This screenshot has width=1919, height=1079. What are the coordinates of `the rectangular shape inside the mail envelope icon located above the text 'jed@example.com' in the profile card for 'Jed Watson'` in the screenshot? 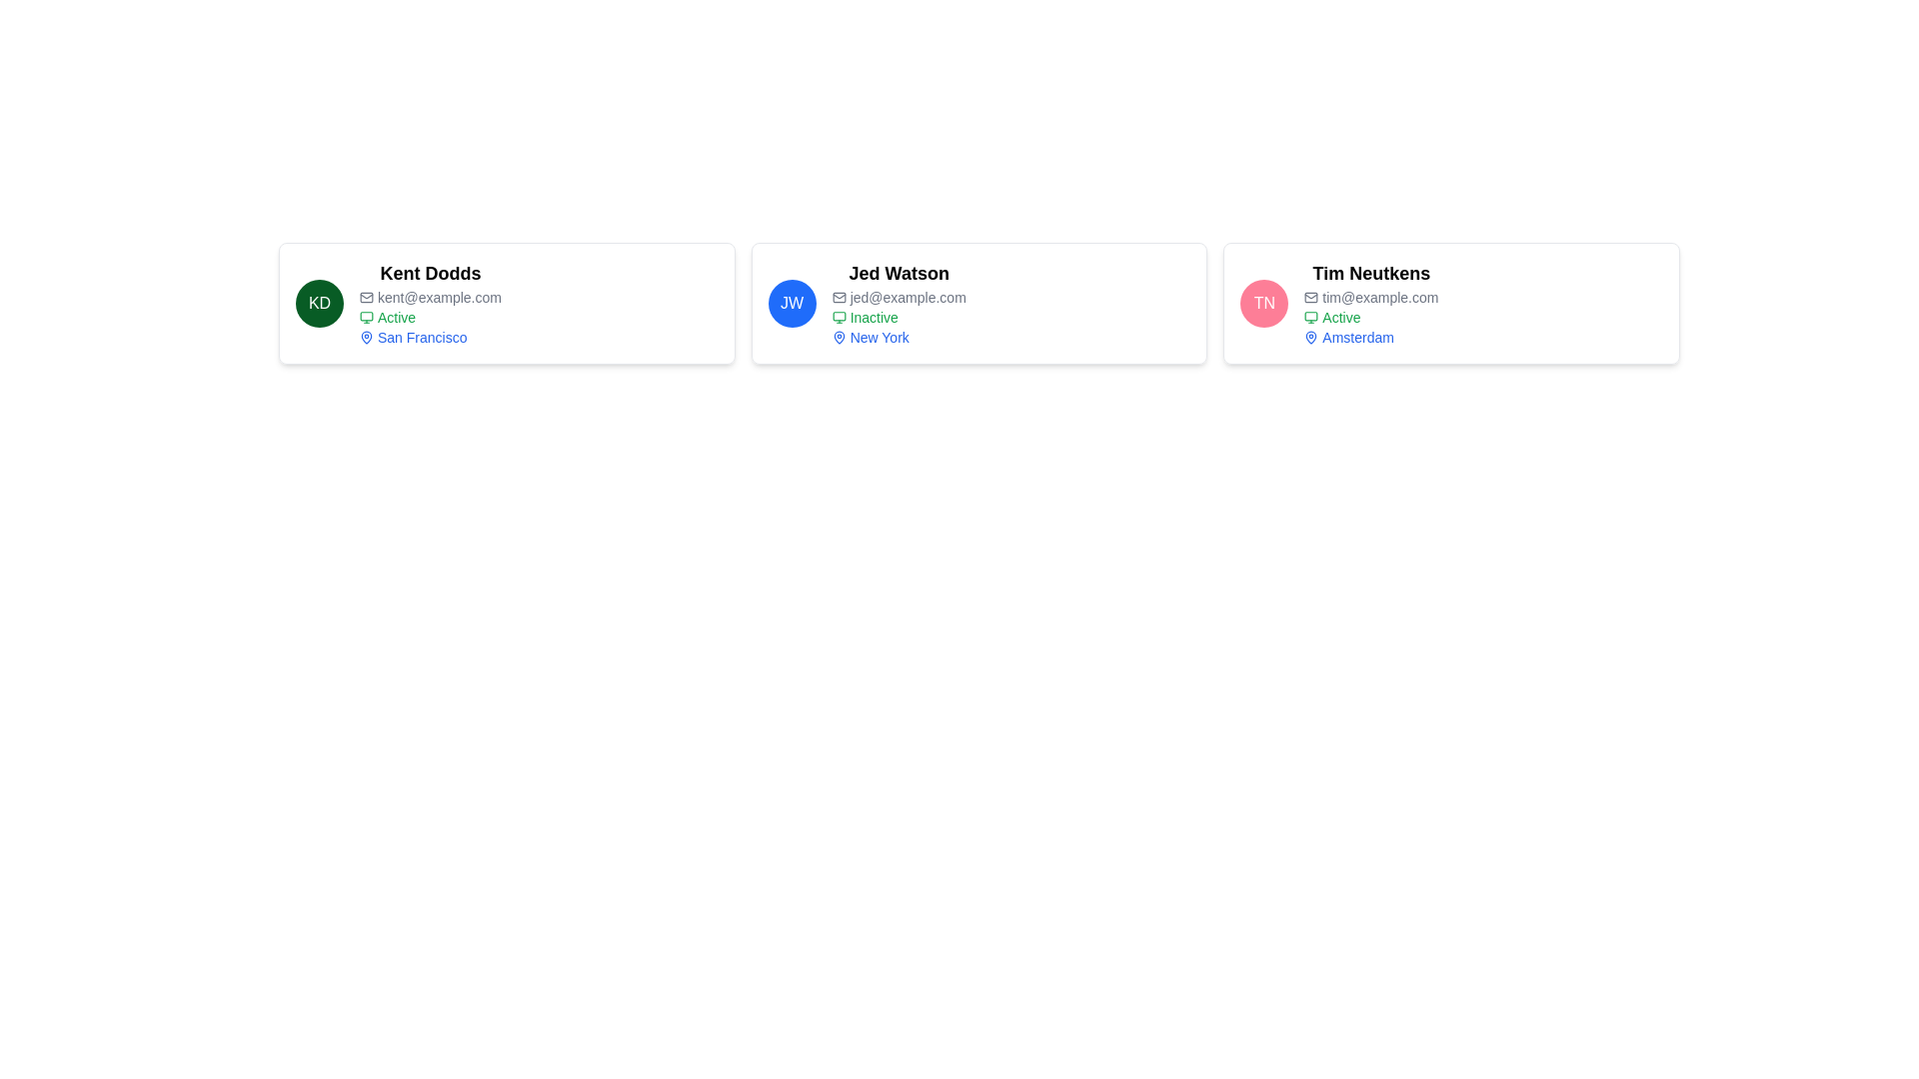 It's located at (839, 297).